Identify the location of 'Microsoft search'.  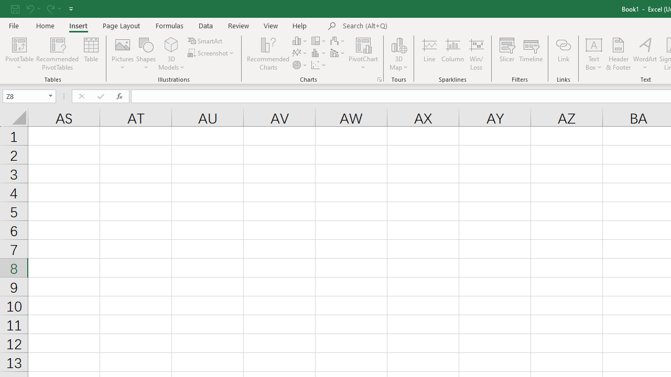
(415, 26).